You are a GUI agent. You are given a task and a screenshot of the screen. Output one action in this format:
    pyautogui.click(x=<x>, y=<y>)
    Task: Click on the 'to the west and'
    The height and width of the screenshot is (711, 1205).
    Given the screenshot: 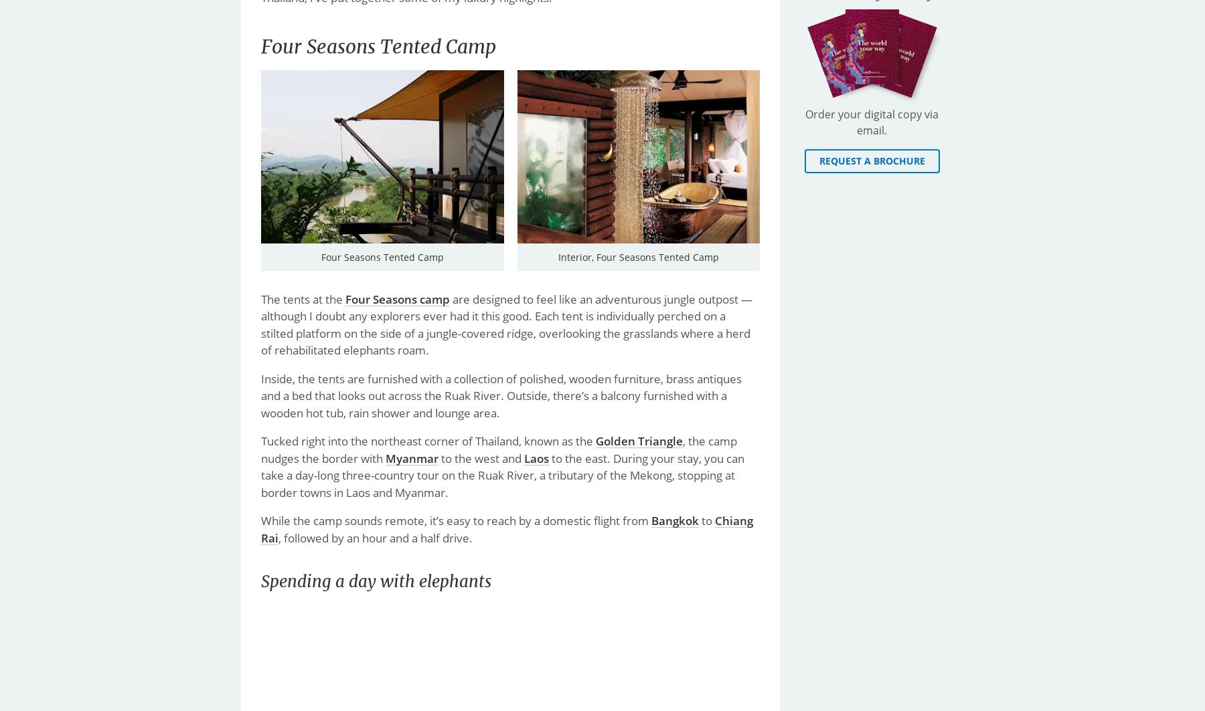 What is the action you would take?
    pyautogui.click(x=480, y=457)
    